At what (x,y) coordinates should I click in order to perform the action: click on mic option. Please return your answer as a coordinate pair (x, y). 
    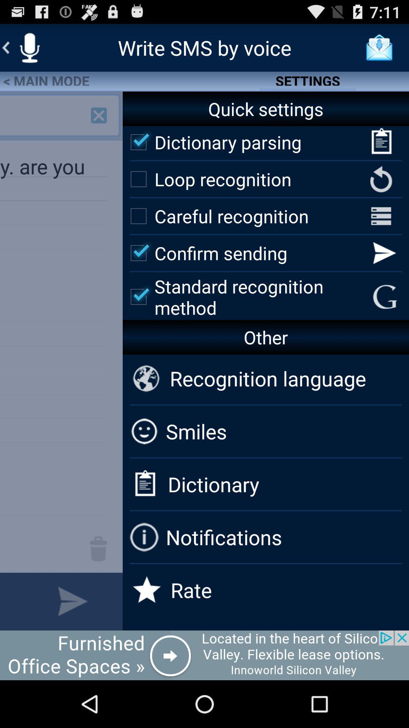
    Looking at the image, I should click on (29, 47).